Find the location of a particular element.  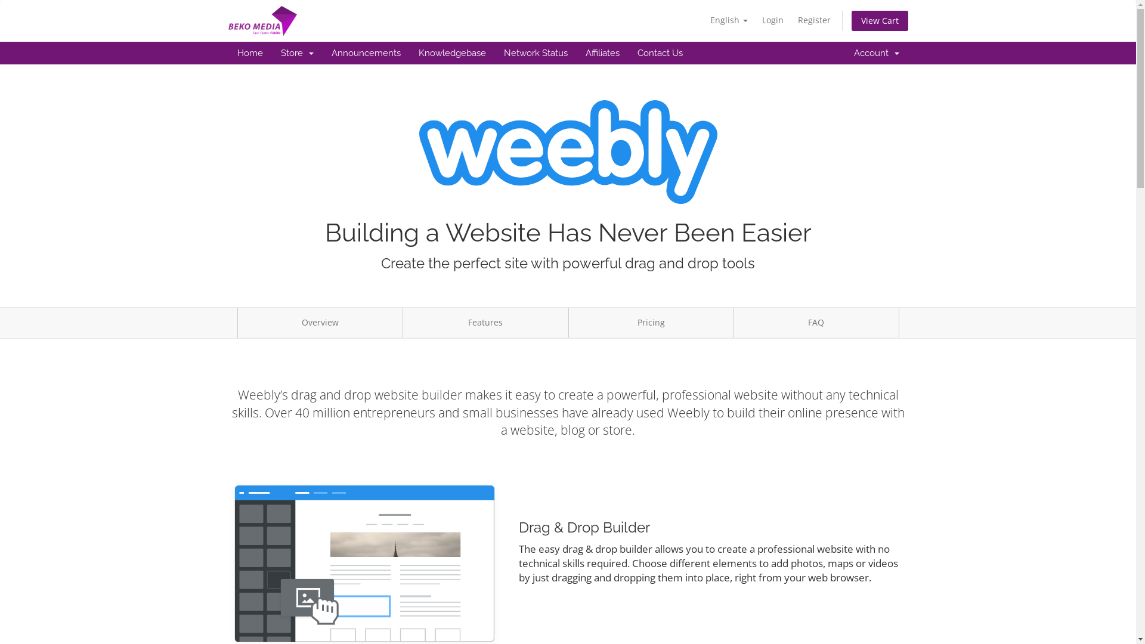

'Overview' is located at coordinates (320, 323).